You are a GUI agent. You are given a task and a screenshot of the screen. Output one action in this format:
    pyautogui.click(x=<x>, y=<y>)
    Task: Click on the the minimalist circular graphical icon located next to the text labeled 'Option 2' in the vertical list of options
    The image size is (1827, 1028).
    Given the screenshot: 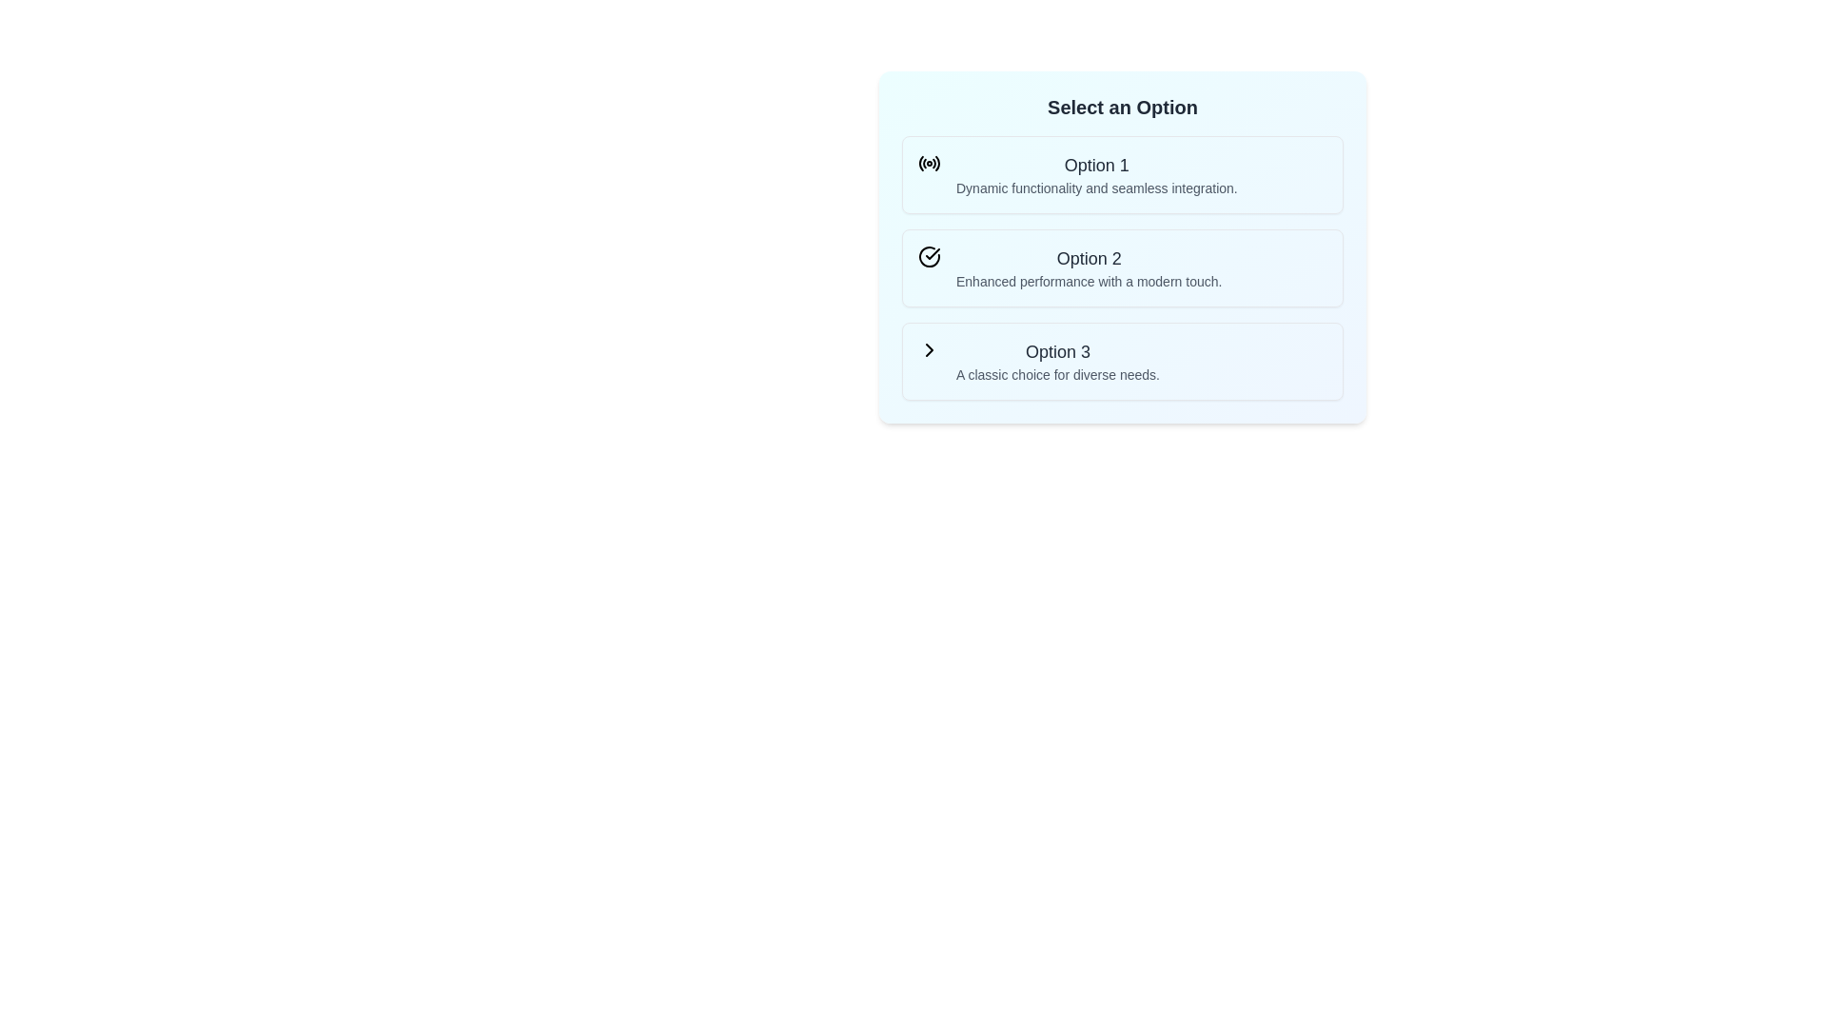 What is the action you would take?
    pyautogui.click(x=930, y=257)
    